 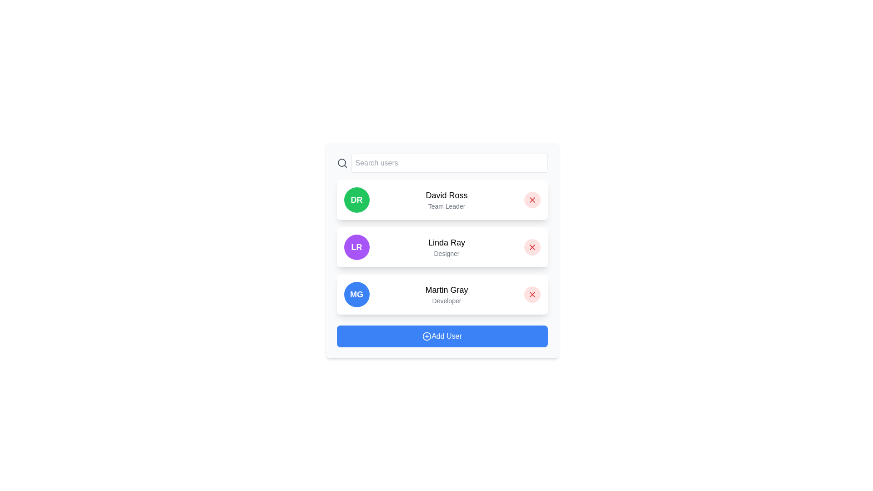 I want to click on the search icon located at the left of the search input field to initiate a search, so click(x=341, y=162).